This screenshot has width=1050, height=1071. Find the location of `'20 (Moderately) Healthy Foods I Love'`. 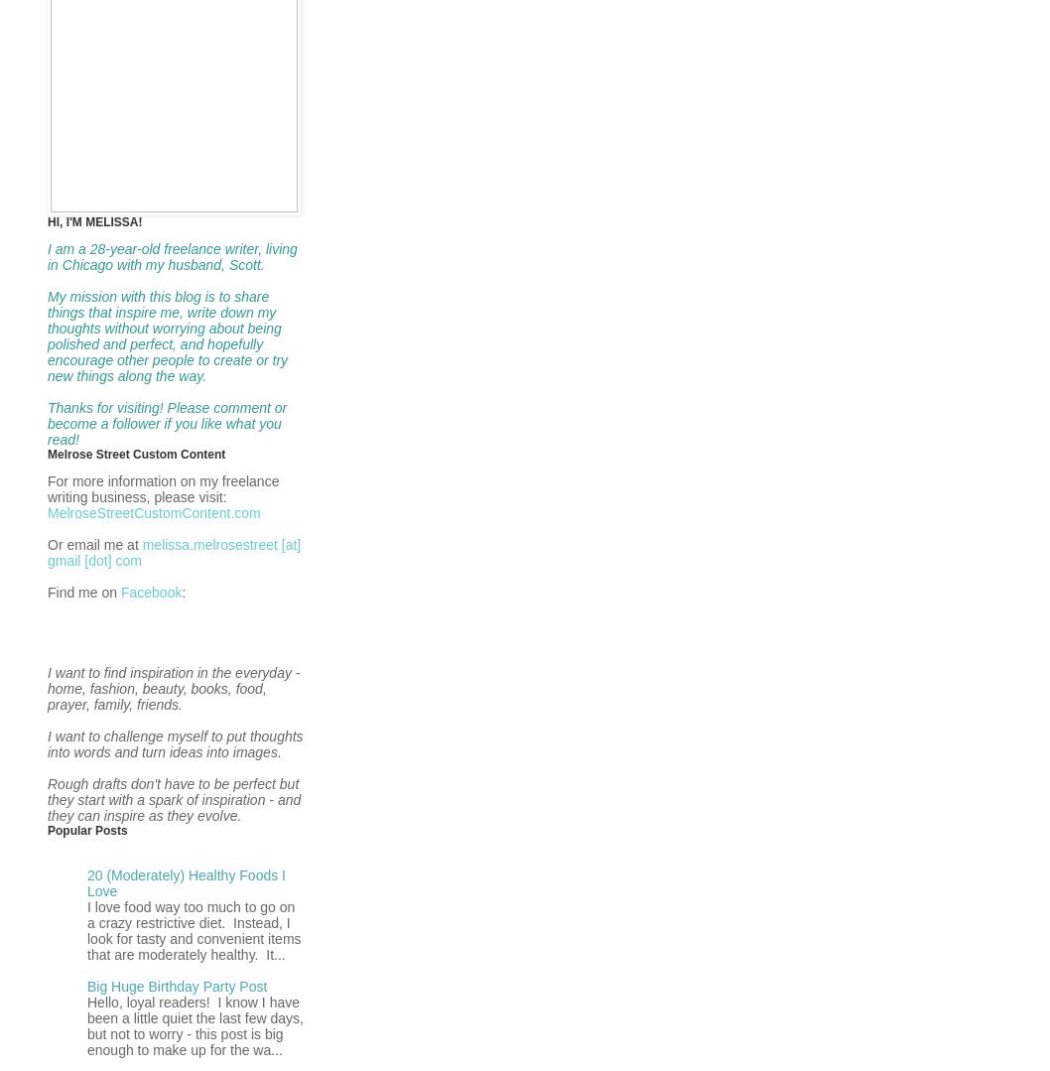

'20 (Moderately) Healthy Foods I Love' is located at coordinates (87, 880).